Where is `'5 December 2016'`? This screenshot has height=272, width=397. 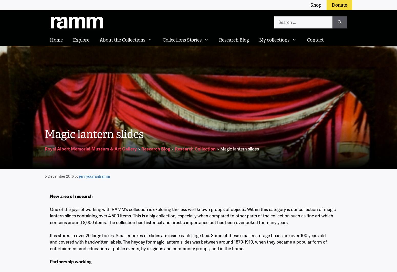
'5 December 2016' is located at coordinates (44, 176).